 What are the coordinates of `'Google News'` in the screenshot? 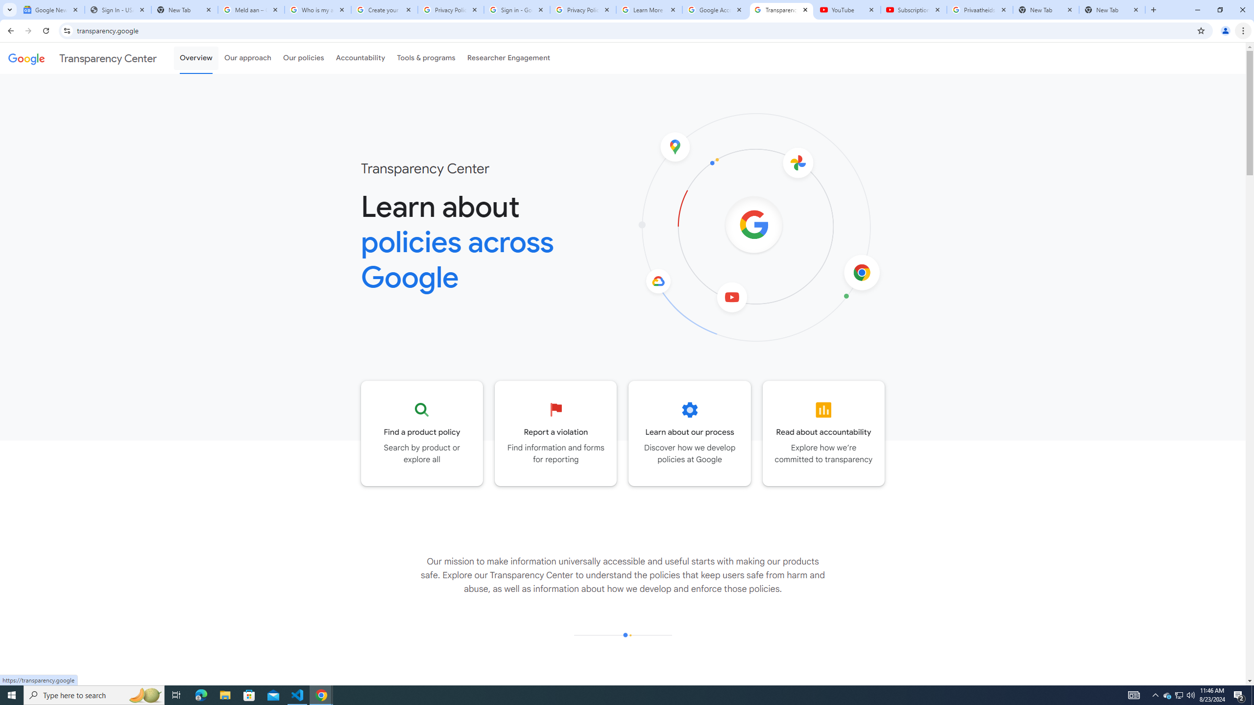 It's located at (50, 9).